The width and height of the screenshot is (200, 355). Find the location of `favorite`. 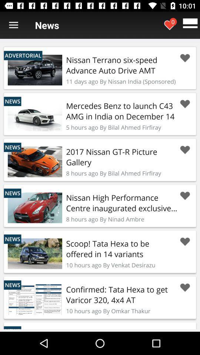

favorite is located at coordinates (184, 287).